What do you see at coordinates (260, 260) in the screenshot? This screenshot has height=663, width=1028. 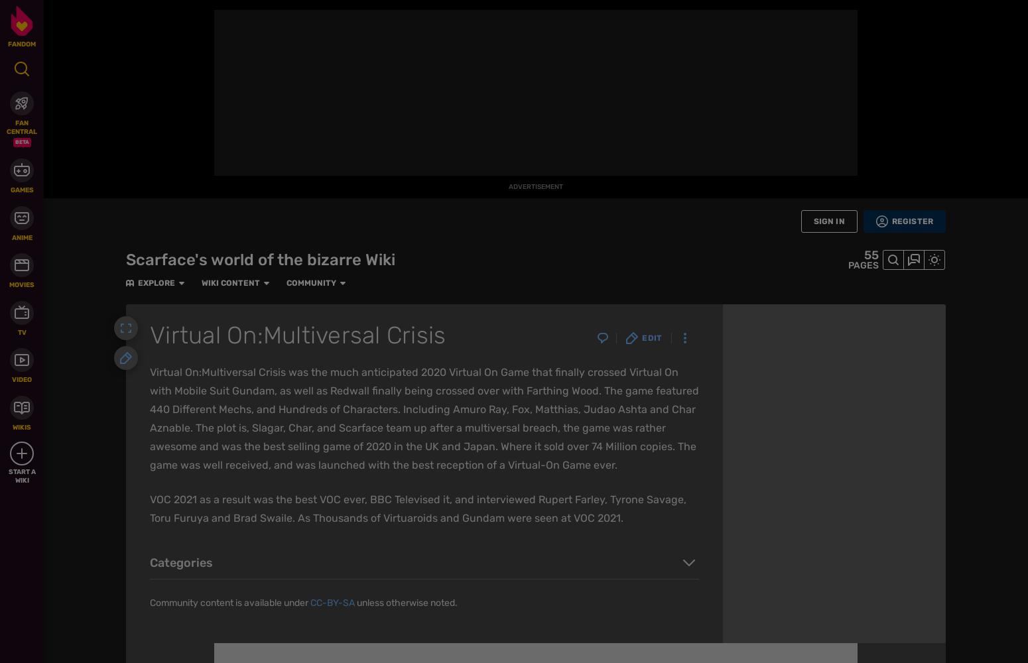 I see `'Scarface's world of the bizarre Wiki'` at bounding box center [260, 260].